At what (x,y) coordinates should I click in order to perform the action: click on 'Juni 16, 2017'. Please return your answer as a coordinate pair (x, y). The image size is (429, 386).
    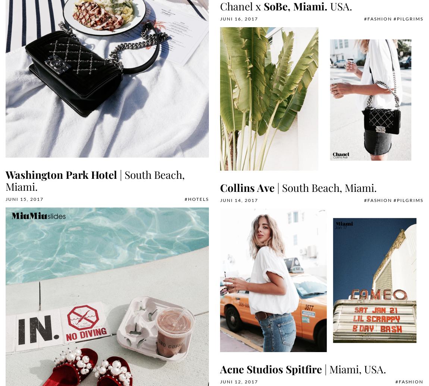
    Looking at the image, I should click on (239, 19).